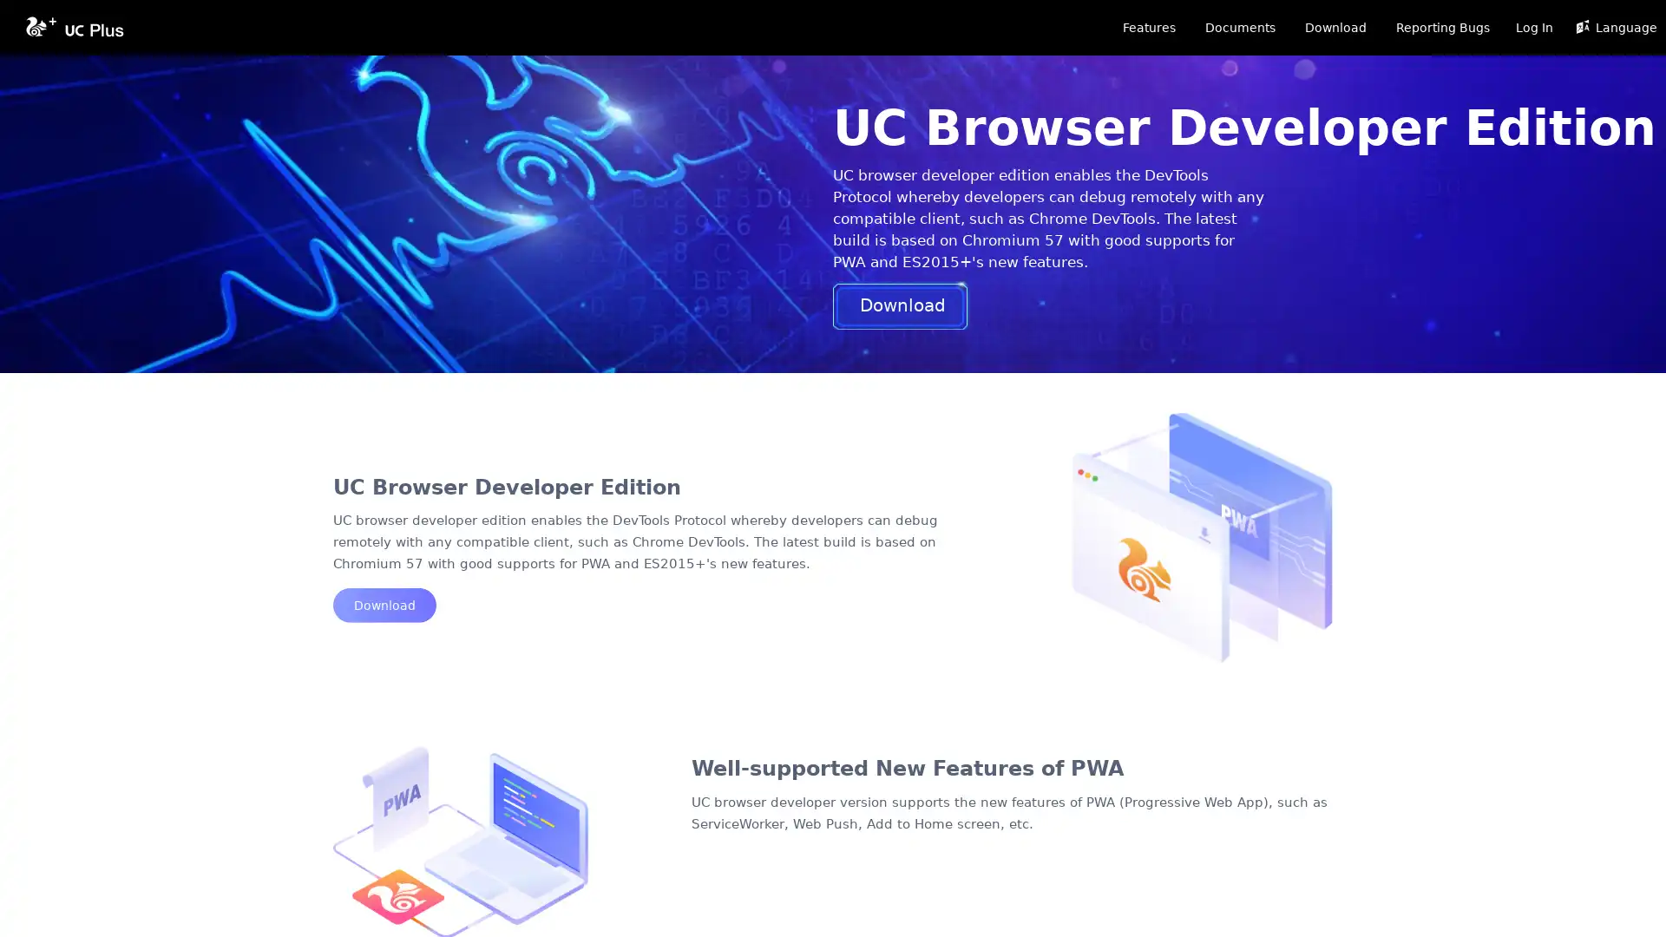 Image resolution: width=1666 pixels, height=937 pixels. What do you see at coordinates (1335, 27) in the screenshot?
I see `Download` at bounding box center [1335, 27].